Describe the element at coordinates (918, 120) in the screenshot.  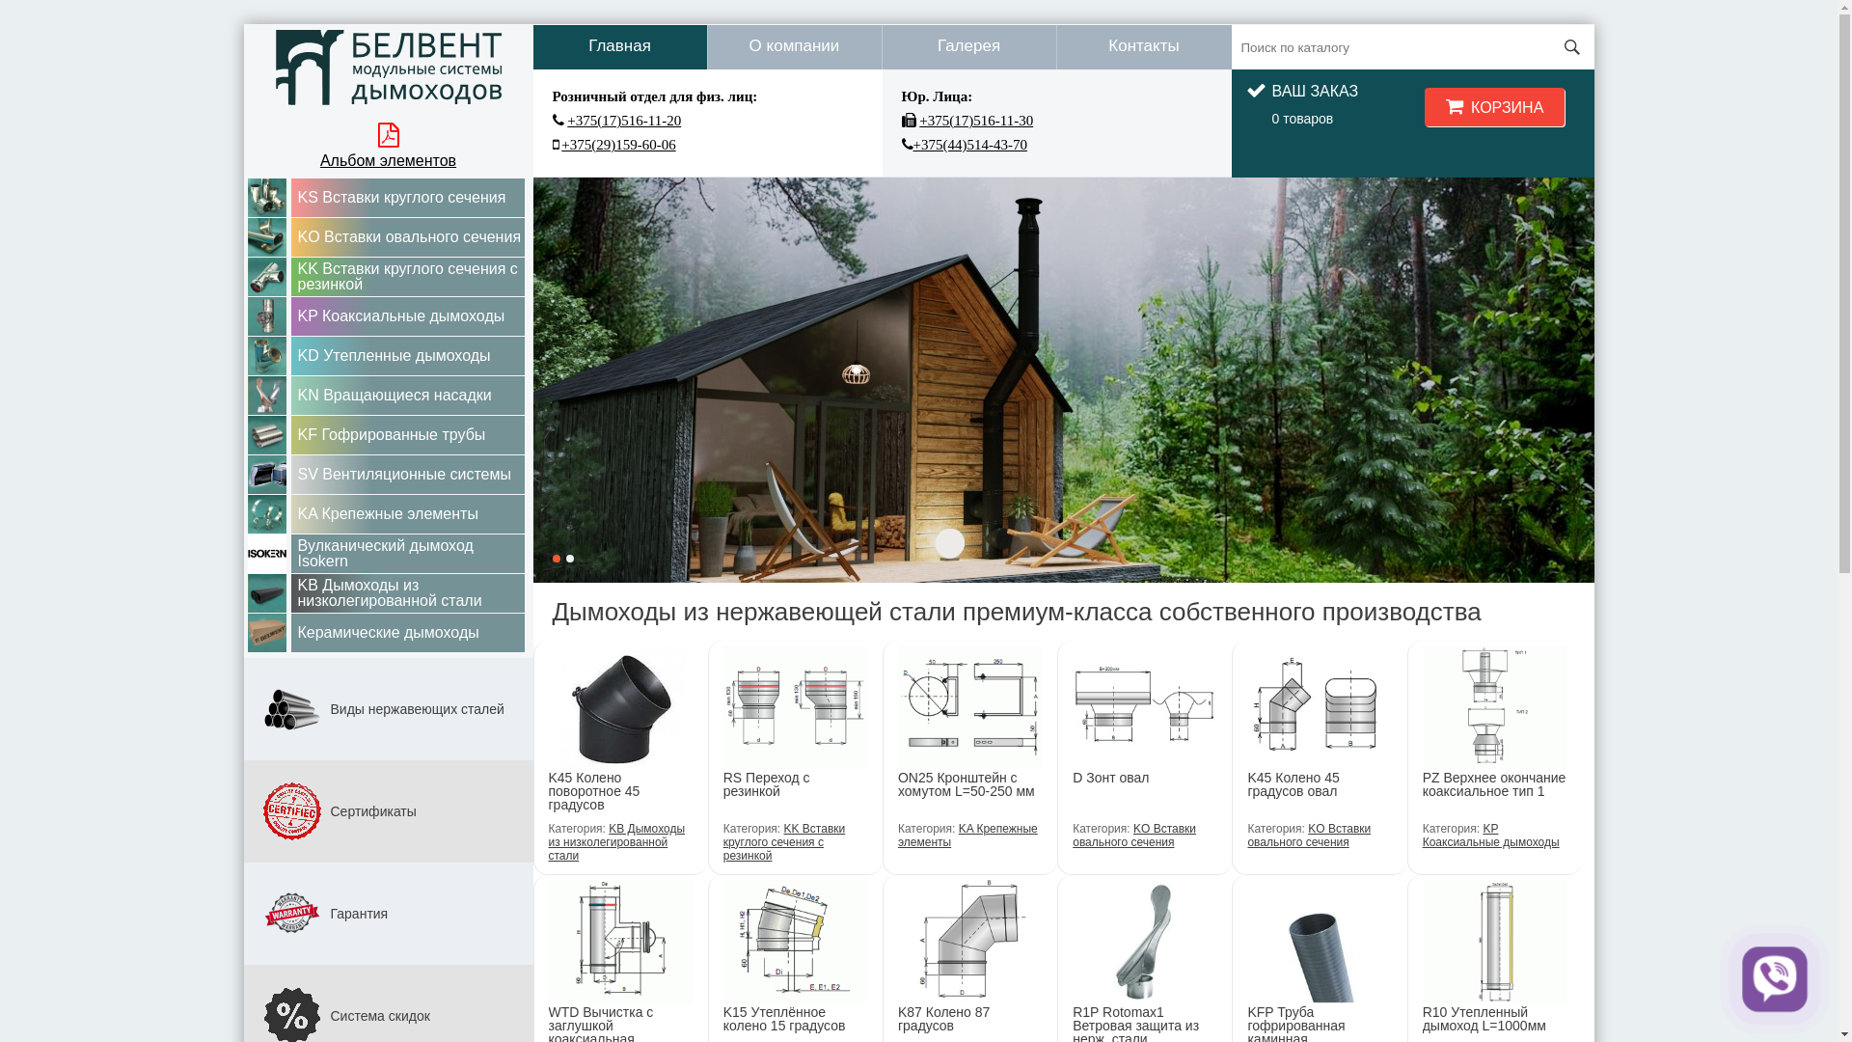
I see `'+375(17)516-11-30'` at that location.